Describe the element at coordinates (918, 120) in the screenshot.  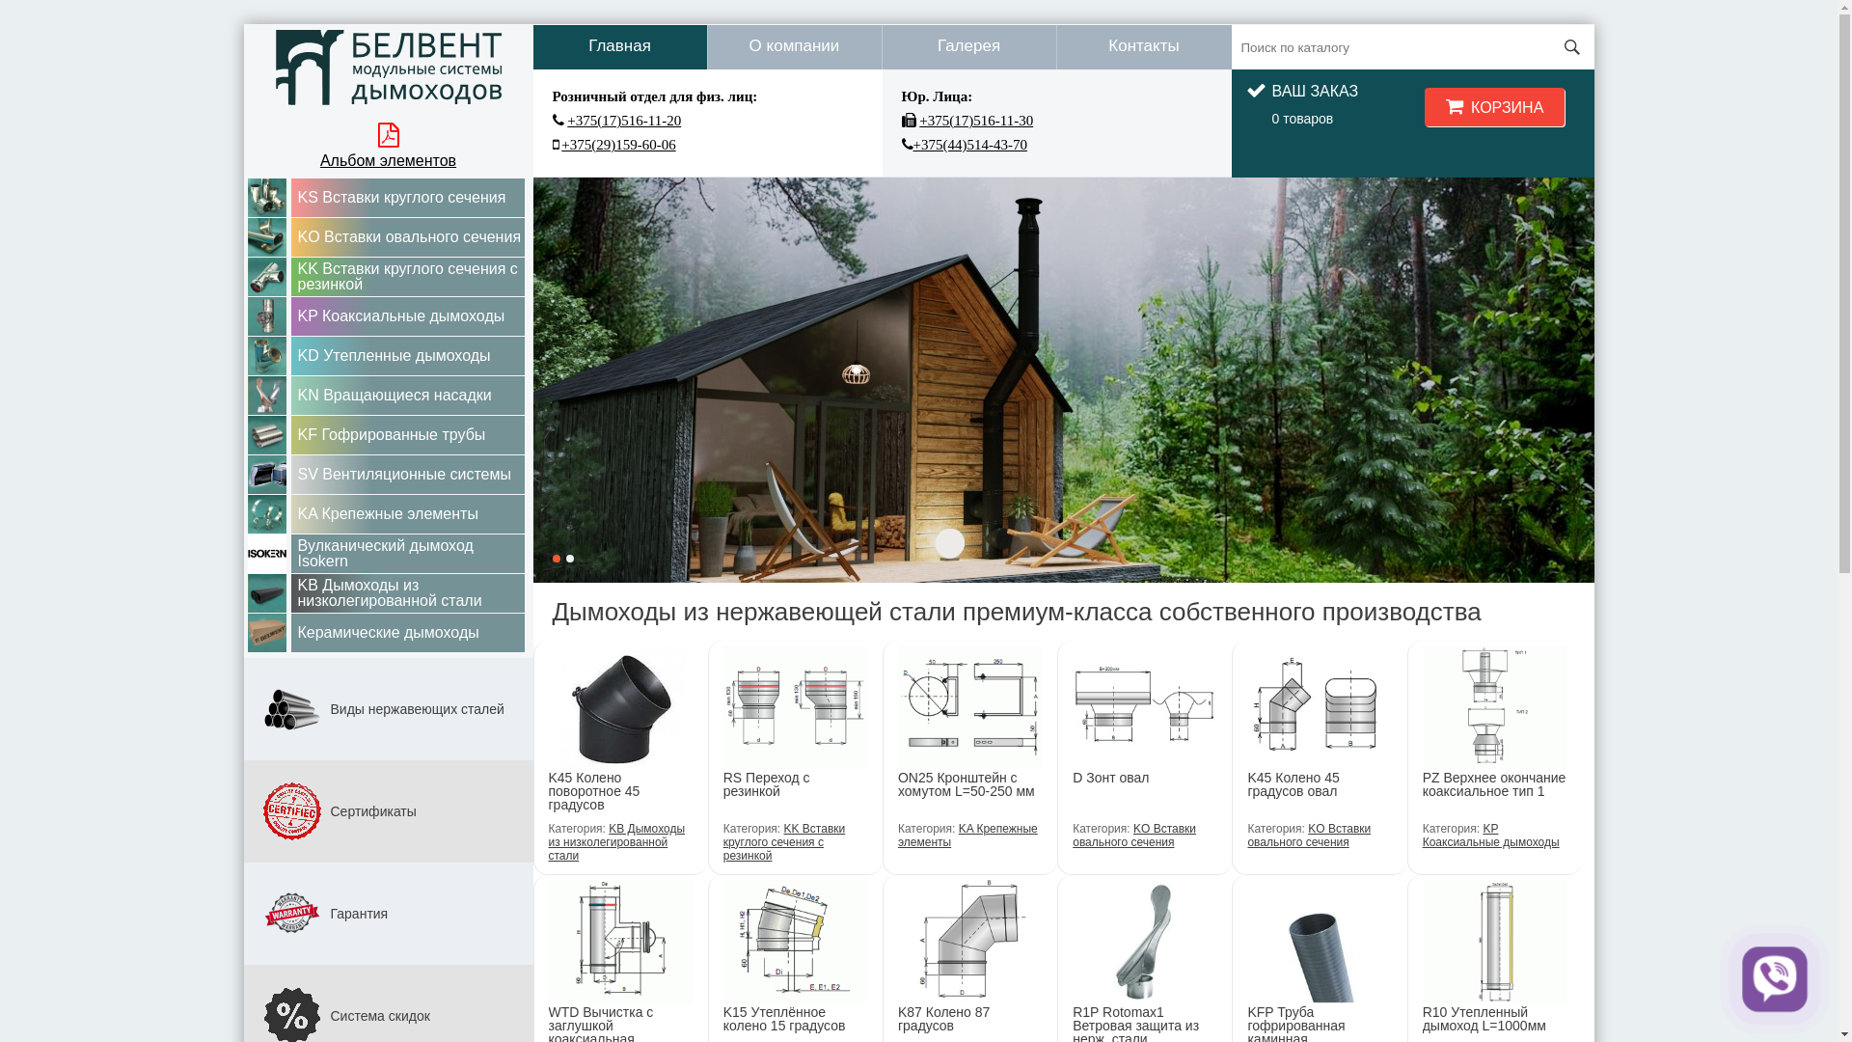
I see `'+375(17)516-11-30'` at that location.